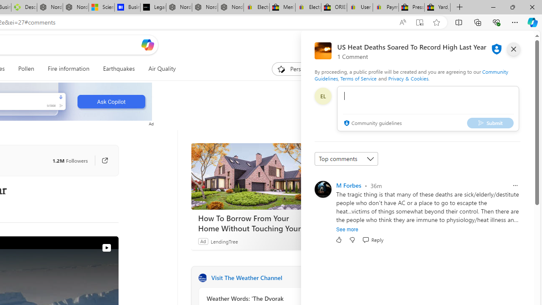 Image resolution: width=542 pixels, height=305 pixels. Describe the element at coordinates (322, 189) in the screenshot. I see `'Profile Picture'` at that location.